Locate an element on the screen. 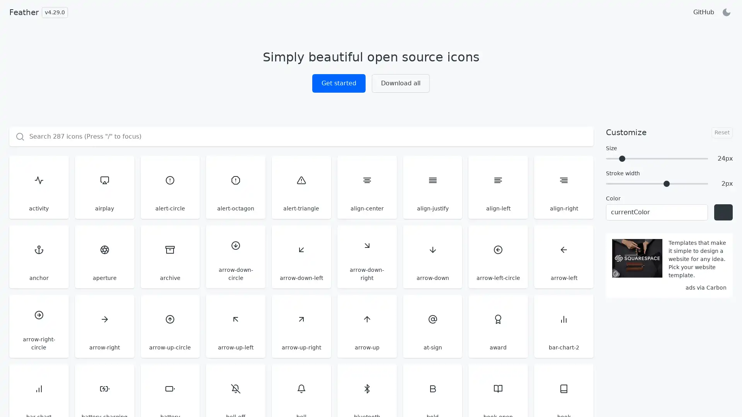  Reset is located at coordinates (722, 132).